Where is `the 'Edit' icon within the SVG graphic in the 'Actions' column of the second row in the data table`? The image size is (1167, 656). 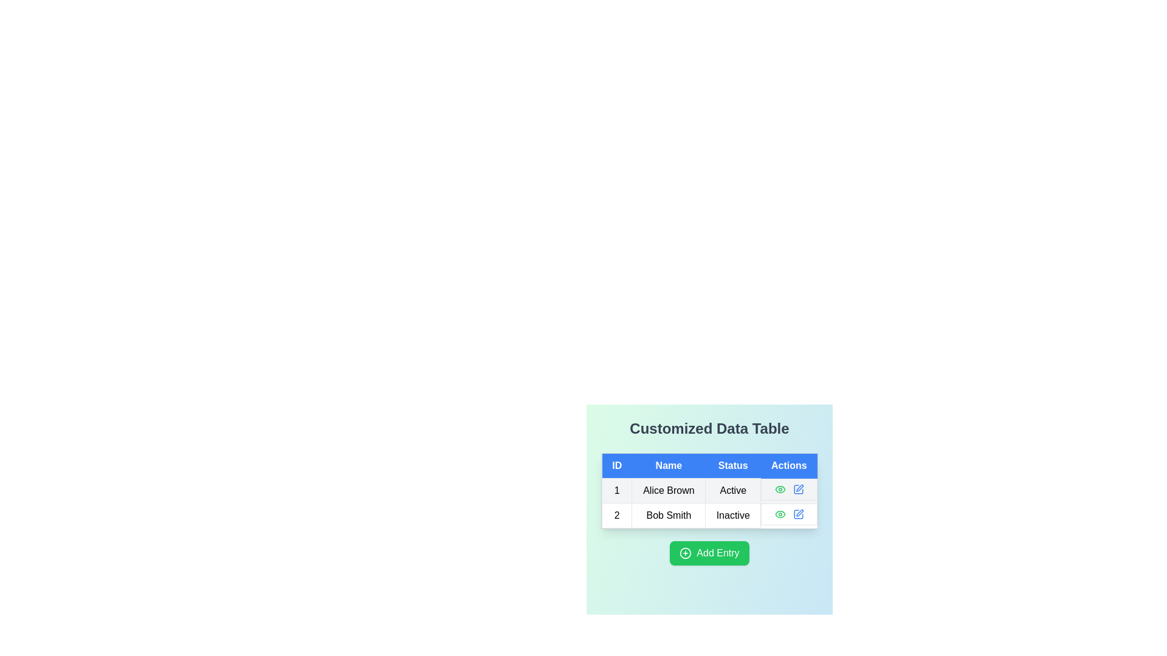
the 'Edit' icon within the SVG graphic in the 'Actions' column of the second row in the data table is located at coordinates (799, 513).